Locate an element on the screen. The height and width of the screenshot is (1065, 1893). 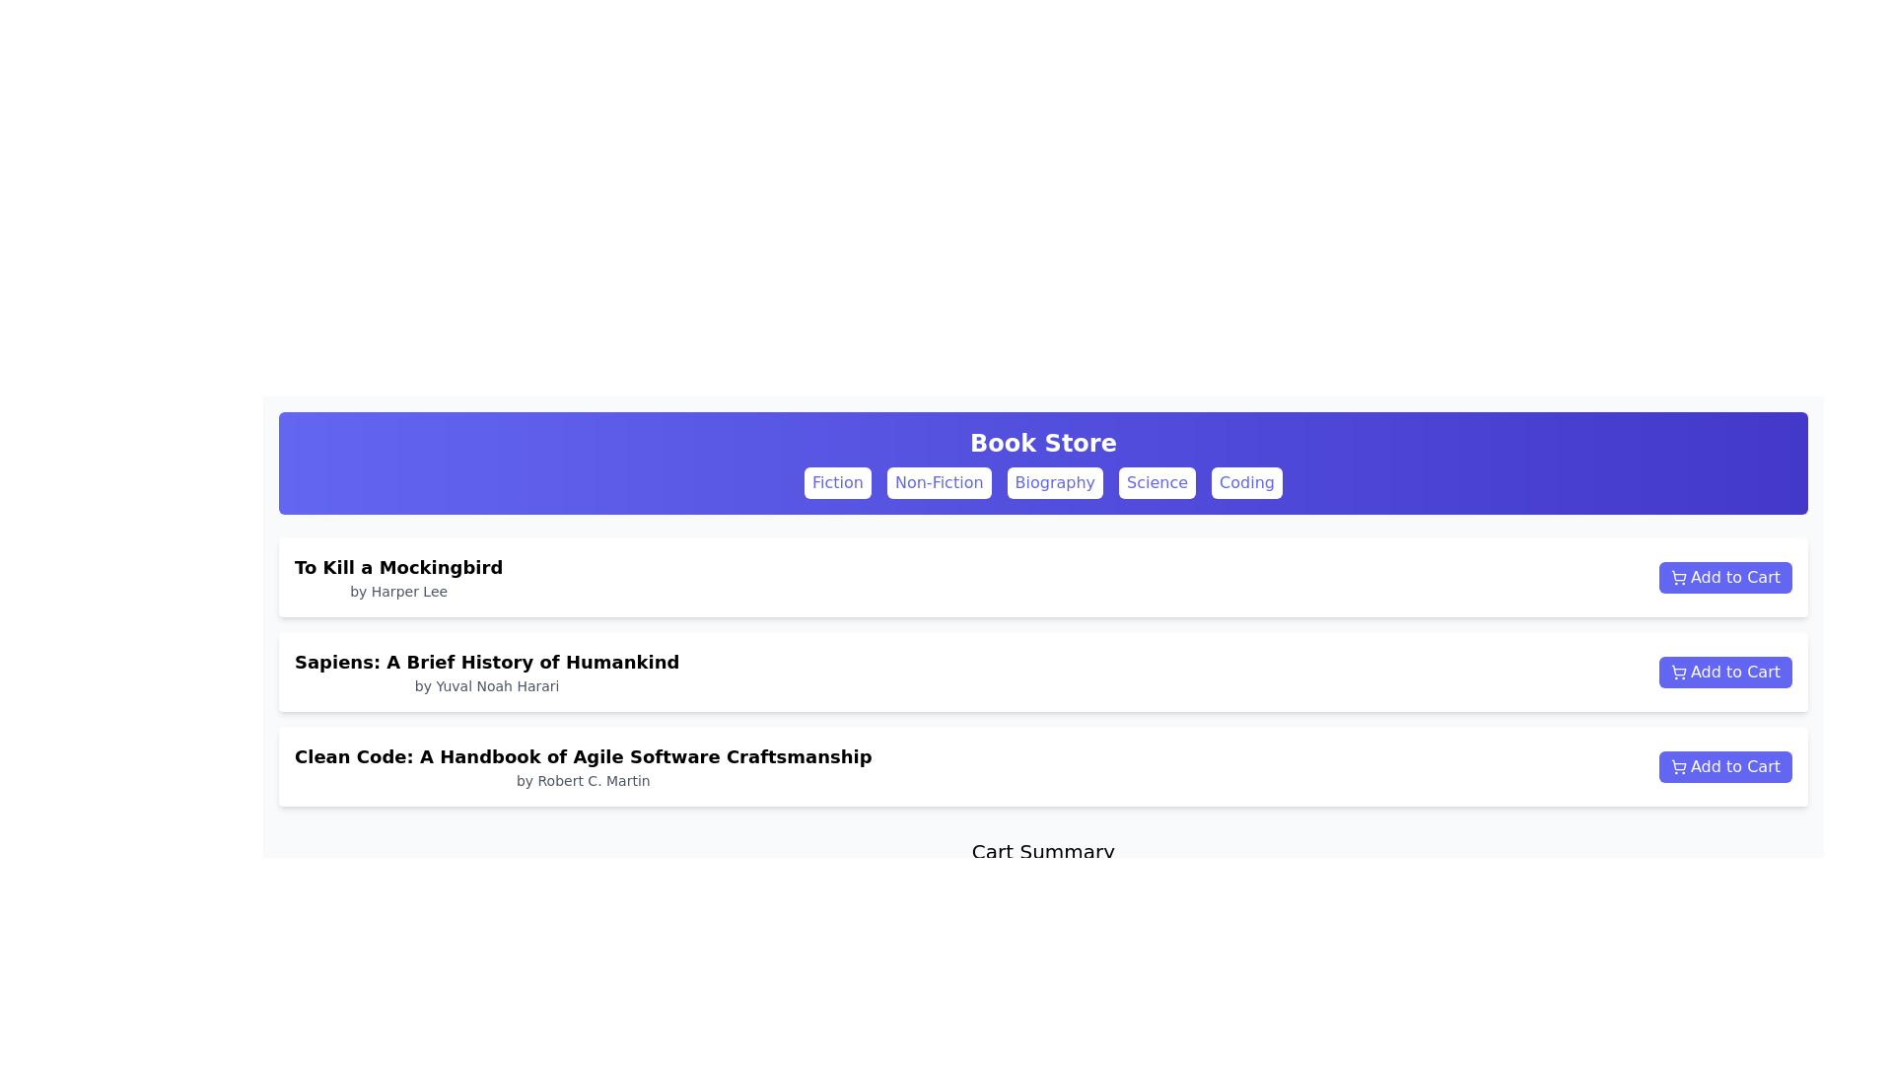
the shopping cart icon located inside the 'Add to Cart' button with a dark blue background is located at coordinates (1678, 672).